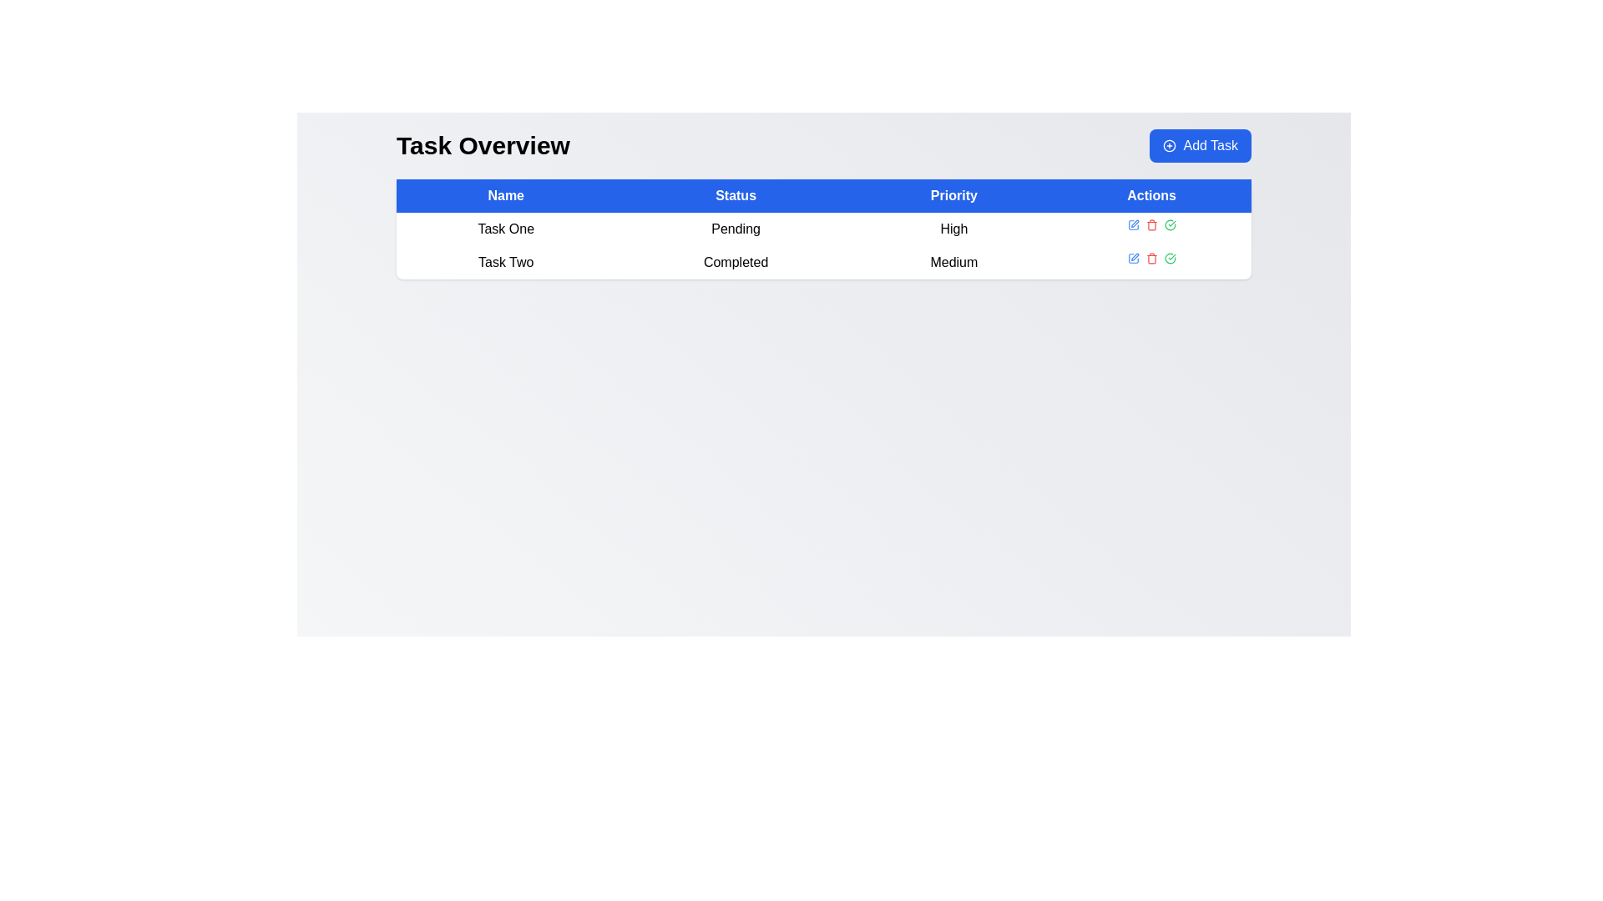 The height and width of the screenshot is (901, 1603). What do you see at coordinates (735, 195) in the screenshot?
I see `the 'Status' text label, which is bold and centered against a blue background in the second column of the header row` at bounding box center [735, 195].